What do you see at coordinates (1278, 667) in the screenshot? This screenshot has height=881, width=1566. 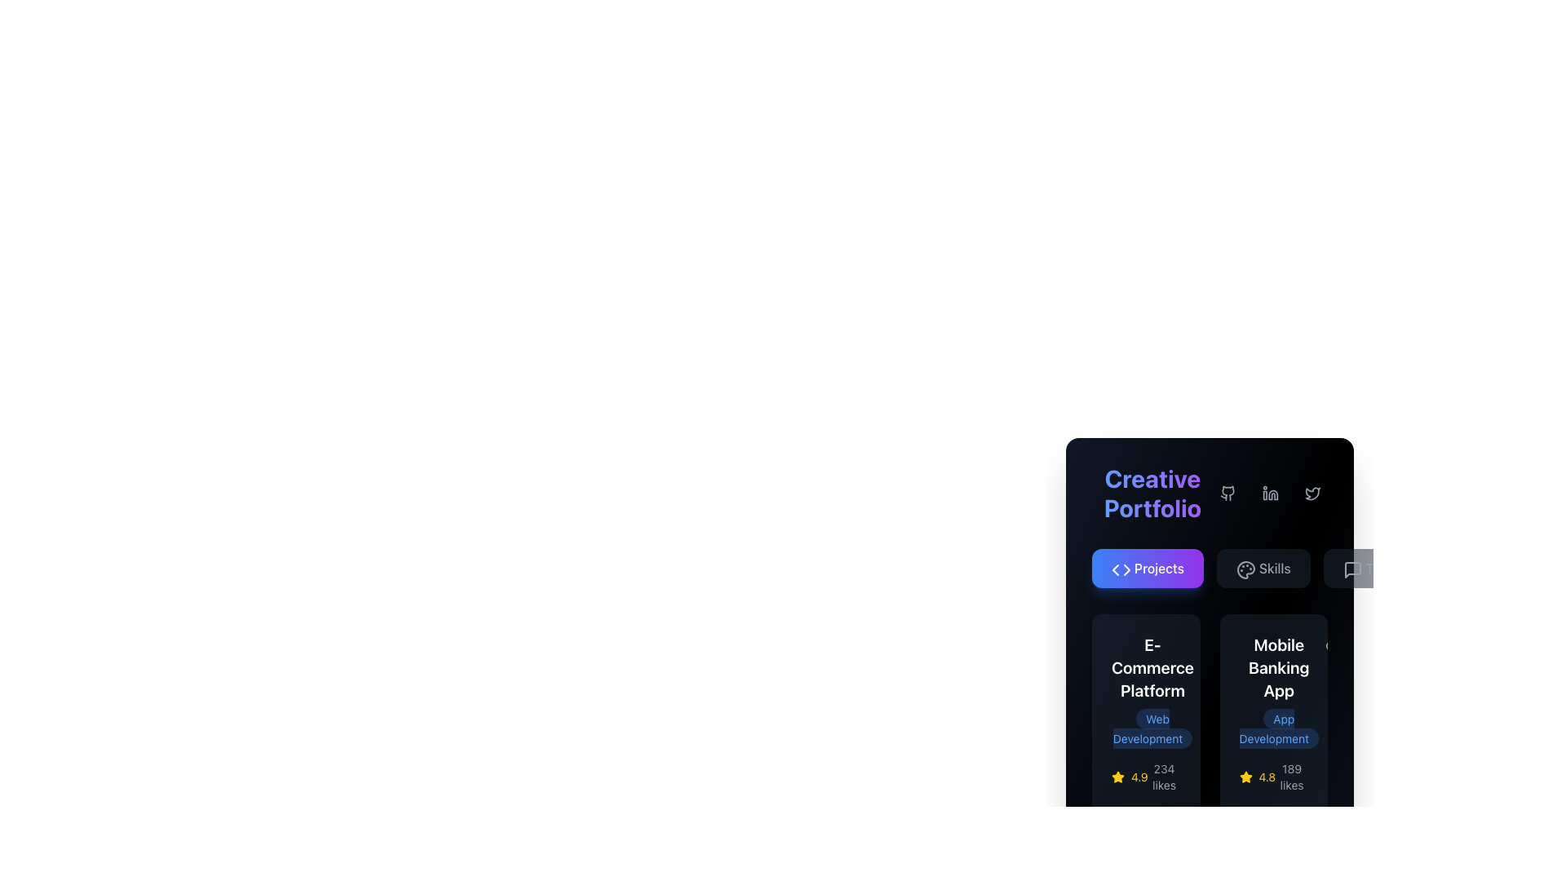 I see `the 'Mobile Banking App' title text to identify the associated project` at bounding box center [1278, 667].